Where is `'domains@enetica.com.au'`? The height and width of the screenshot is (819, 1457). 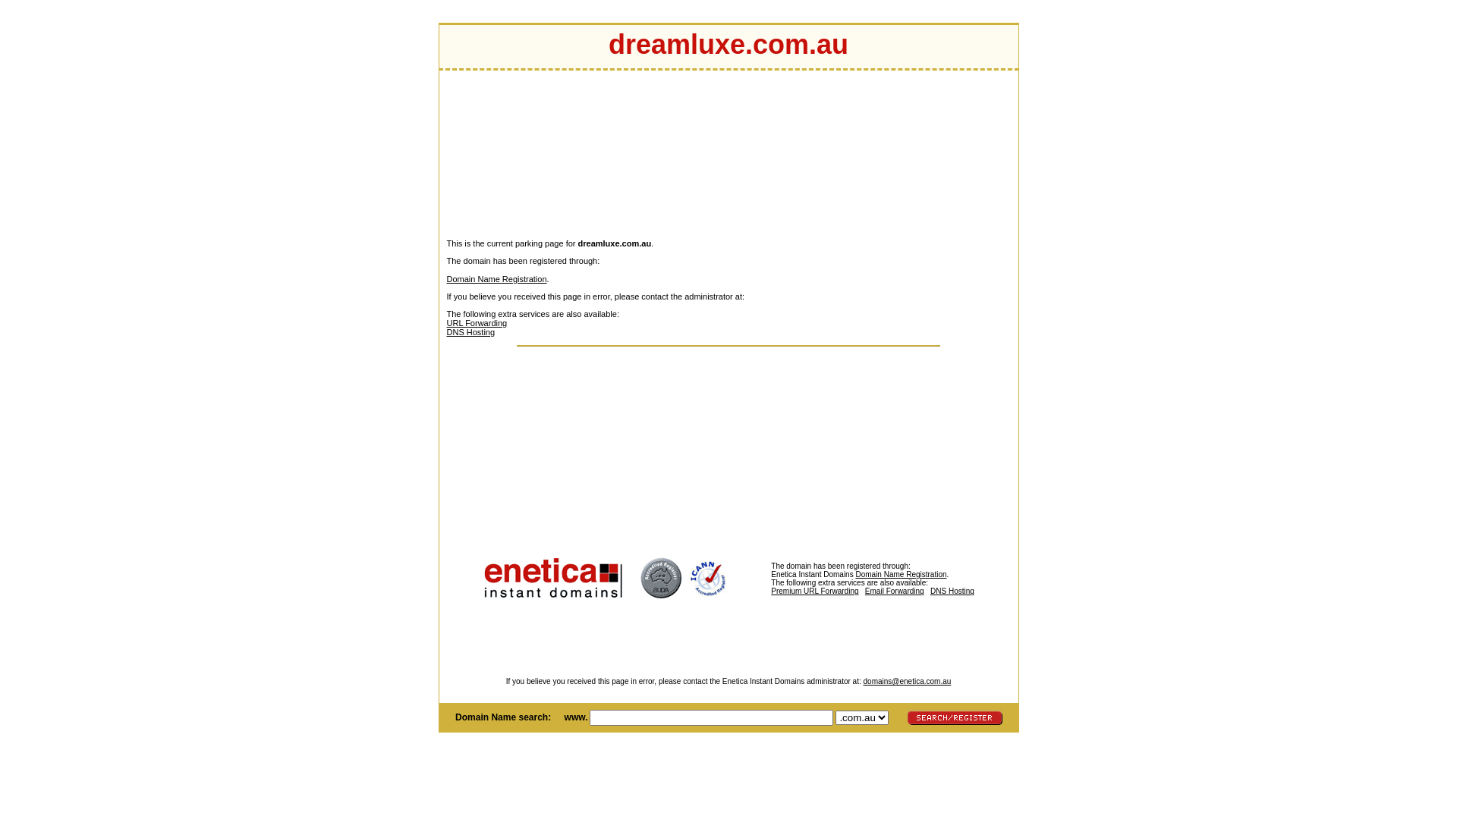 'domains@enetica.com.au' is located at coordinates (863, 680).